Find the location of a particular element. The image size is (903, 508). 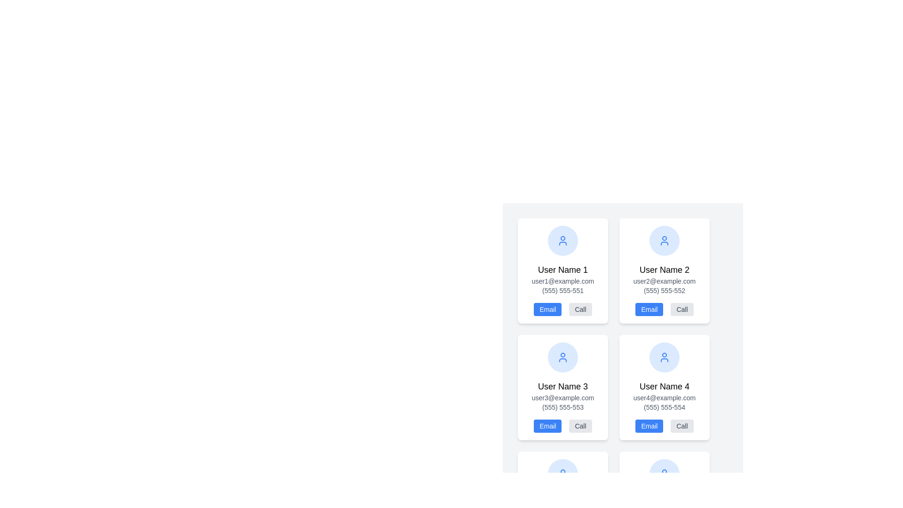

the circular static icon with a light blue background and user profile outline, located above the text 'User Name 2', 'user2@example.com', and '(555) 555-552', in the second column of a 2x2 grid is located at coordinates (664, 240).